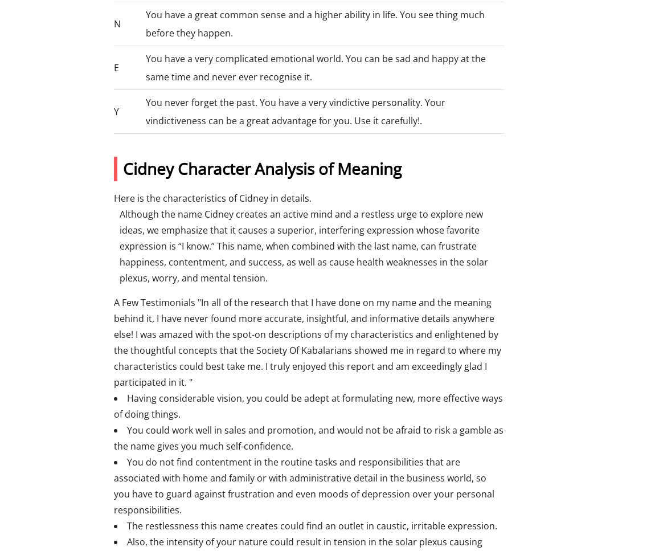  What do you see at coordinates (295, 111) in the screenshot?
I see `'You never forget the past. You have a very vindictive personality. Your vindictiveness can be a great advantage for you. Use it carefully!.'` at bounding box center [295, 111].